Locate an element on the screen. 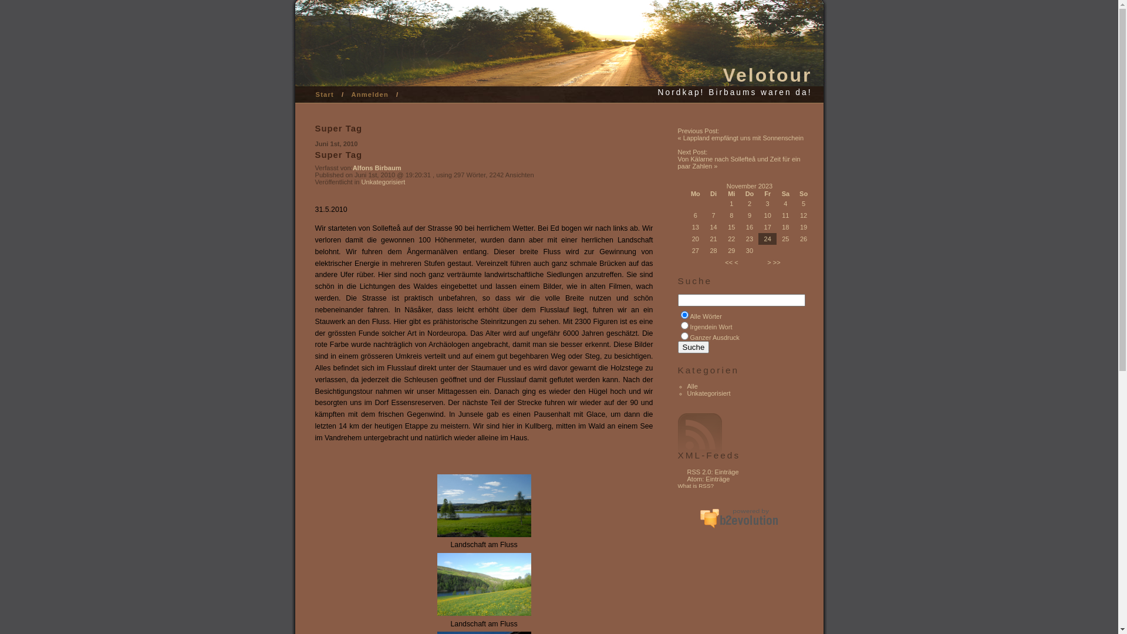 This screenshot has height=634, width=1127. 'Alle' is located at coordinates (687, 386).